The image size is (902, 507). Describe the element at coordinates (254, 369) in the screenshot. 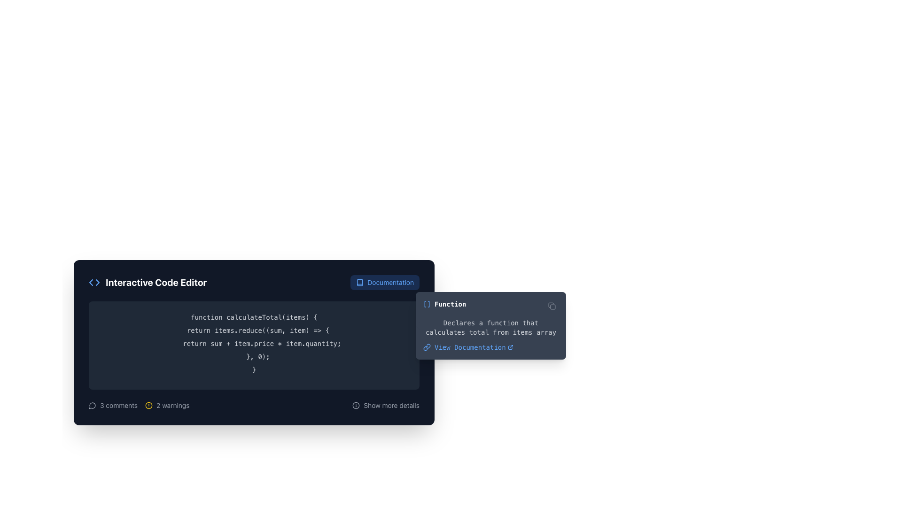

I see `closing delimiter text that indicates the end of a function definition, positioned after the closing parenthesis of a 'reduce' function call in the code editor` at that location.